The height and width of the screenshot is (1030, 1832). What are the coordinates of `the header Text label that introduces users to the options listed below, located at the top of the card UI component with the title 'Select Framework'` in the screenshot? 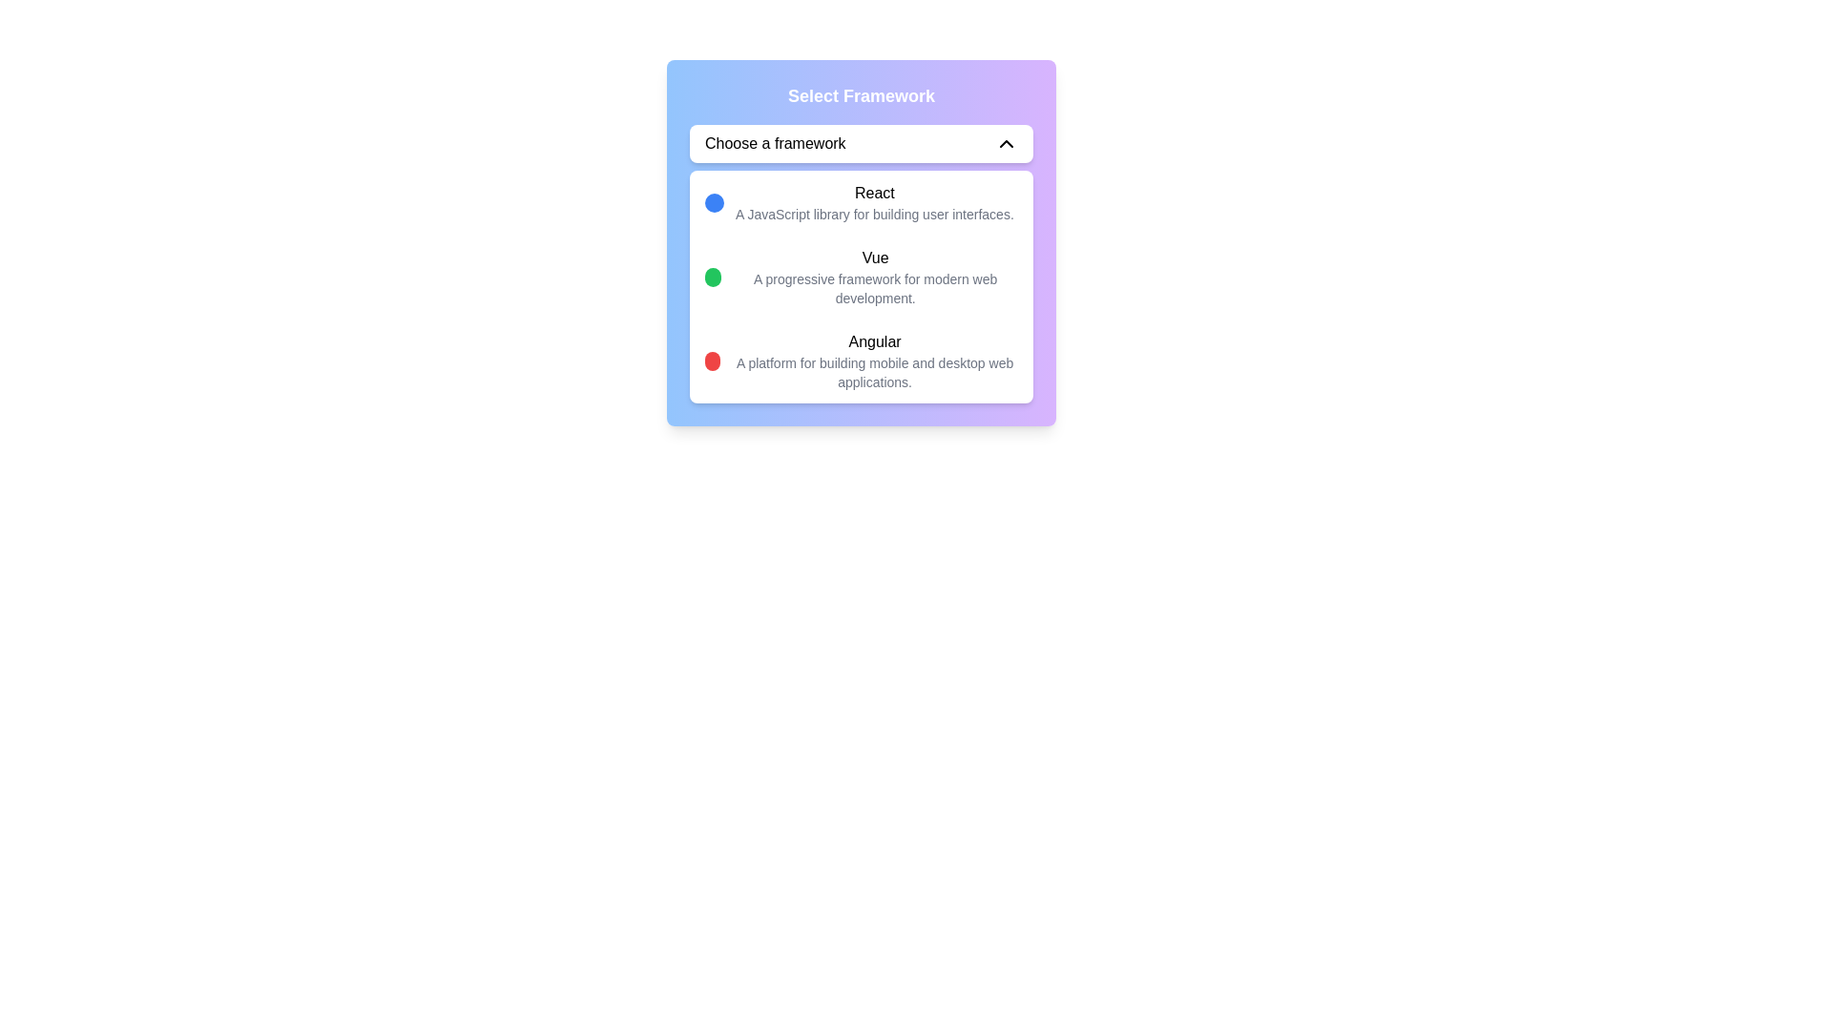 It's located at (860, 95).